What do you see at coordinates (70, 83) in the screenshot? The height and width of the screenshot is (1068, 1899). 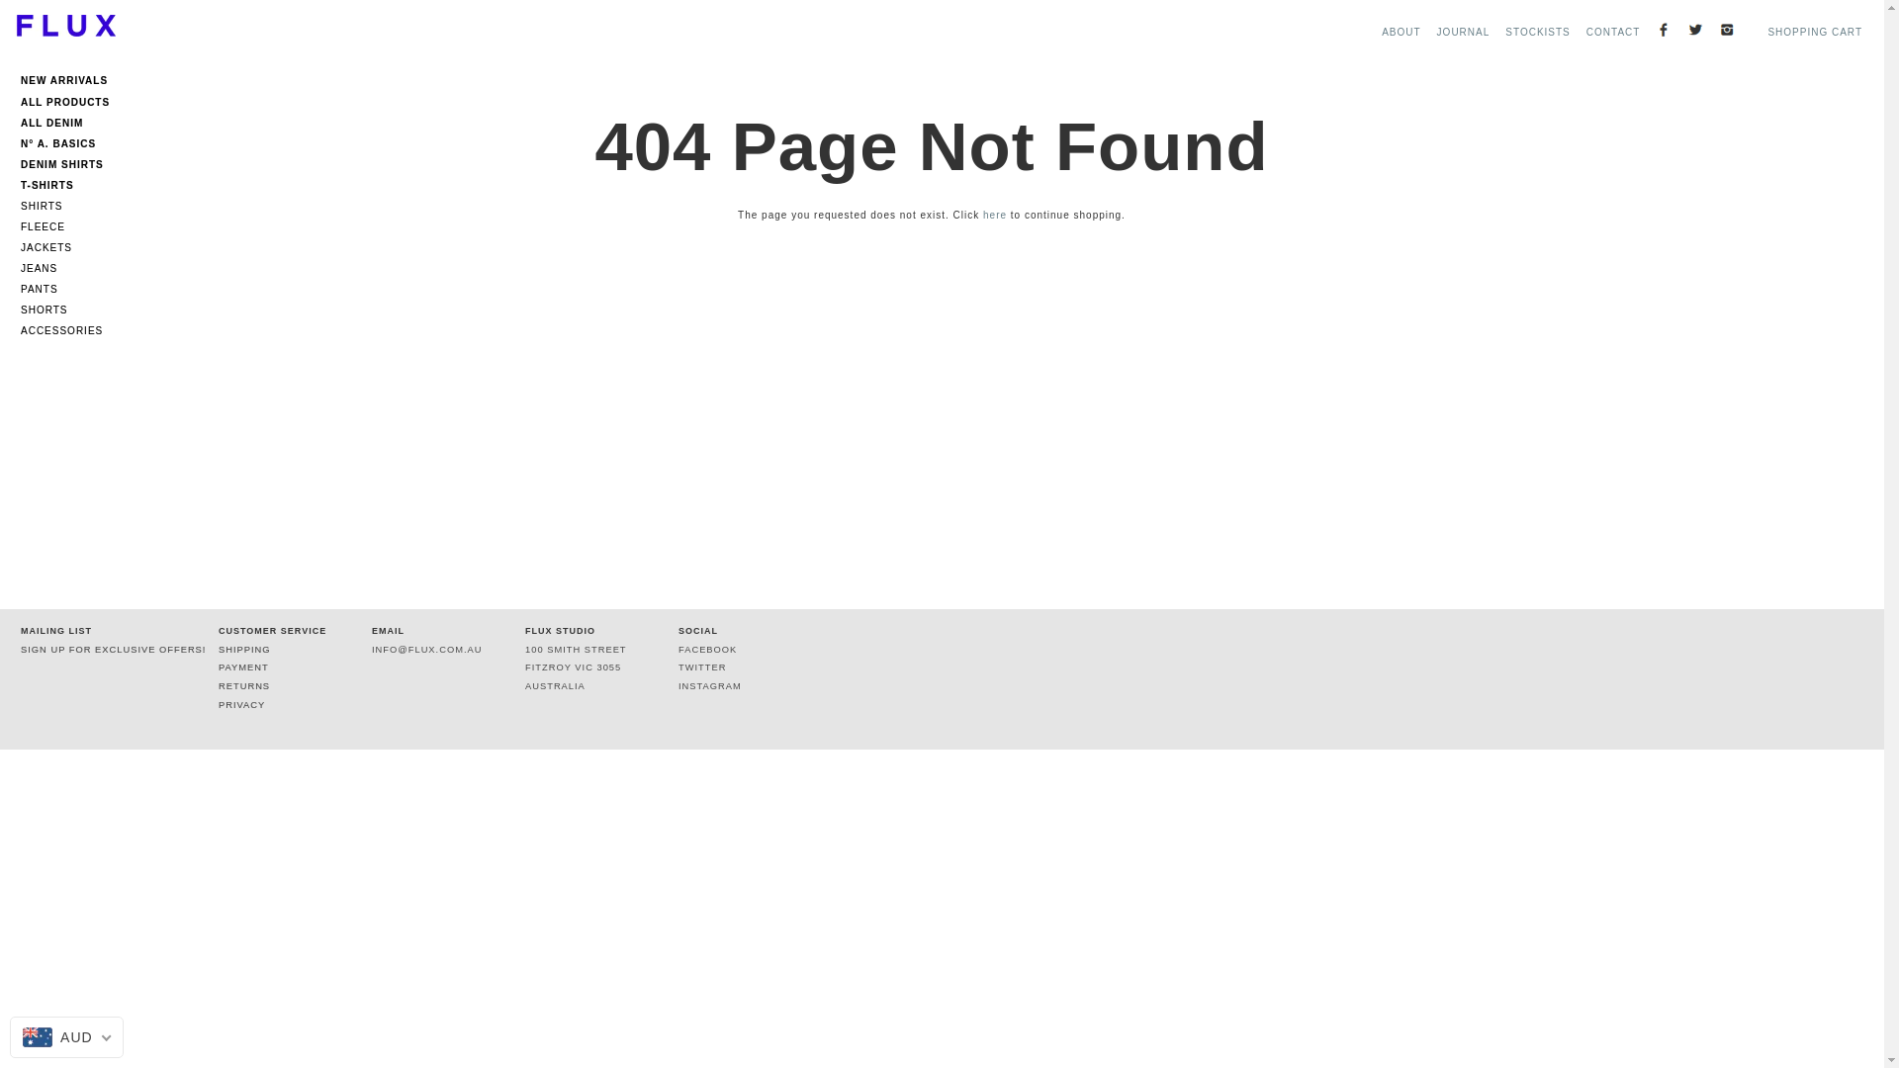 I see `'NEW ARRIVALS'` at bounding box center [70, 83].